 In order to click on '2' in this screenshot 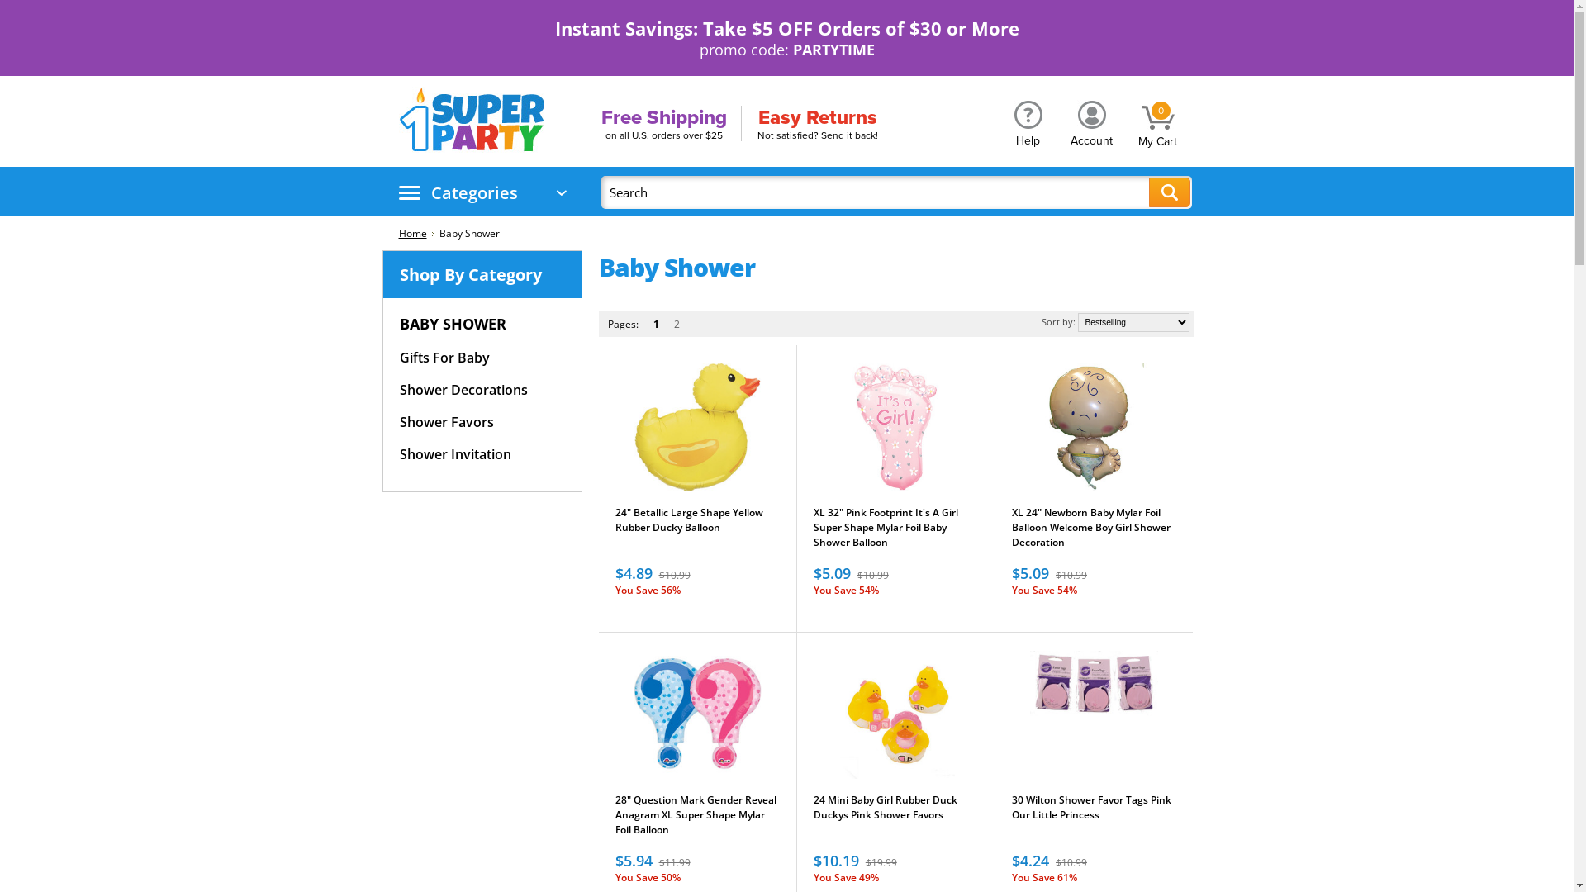, I will do `click(670, 325)`.